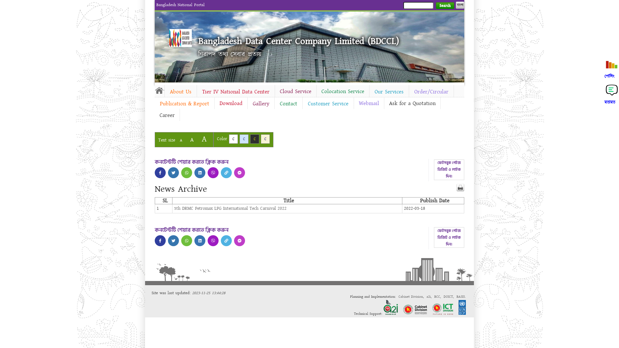  I want to click on 'C', so click(233, 139).